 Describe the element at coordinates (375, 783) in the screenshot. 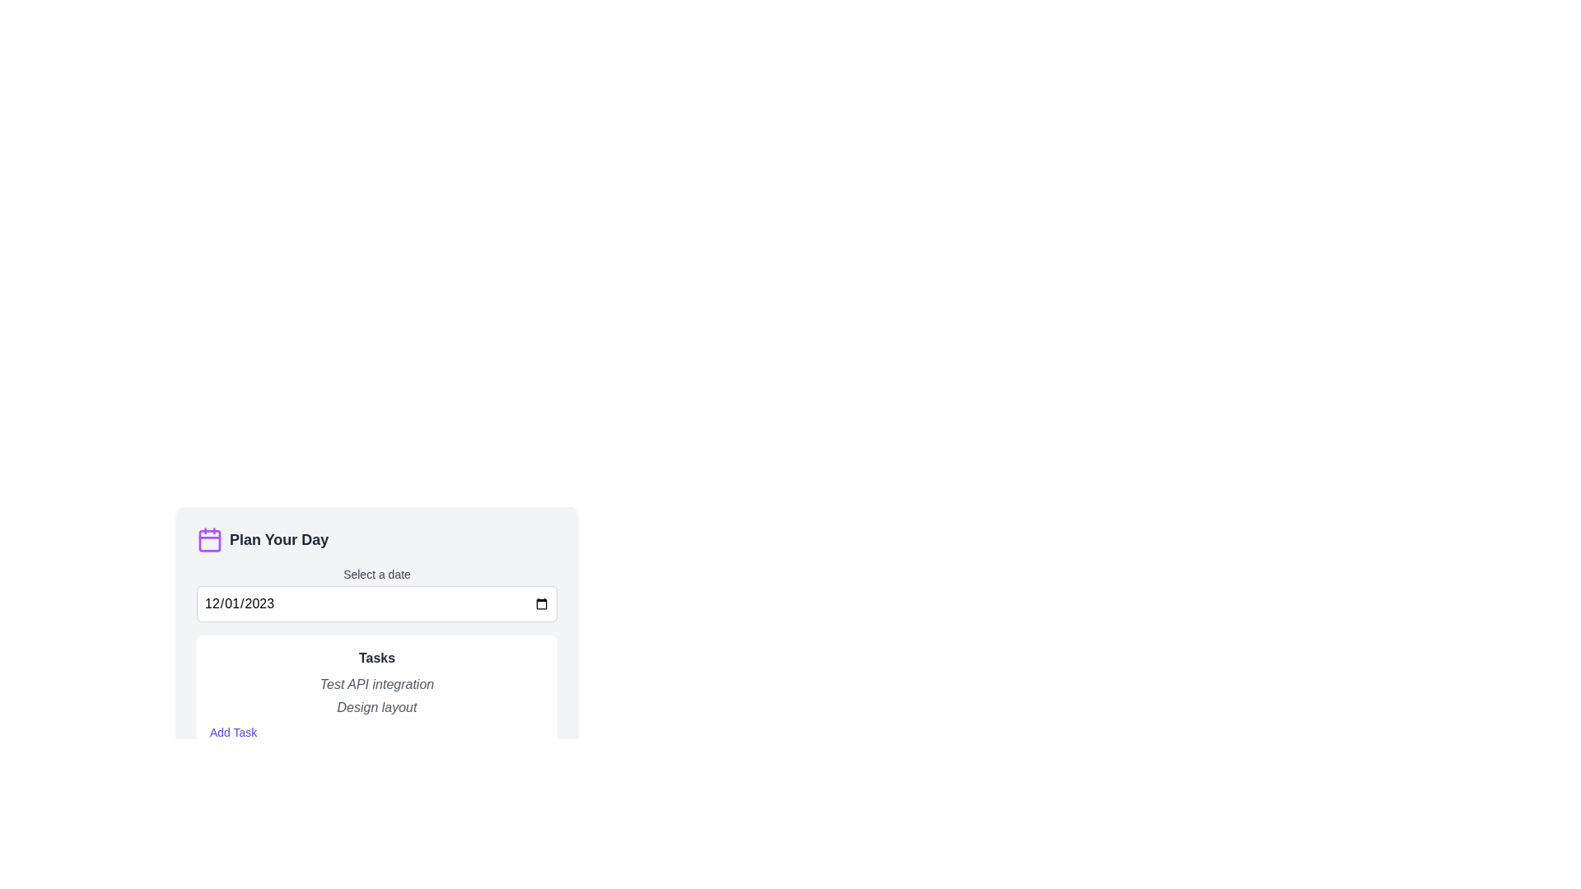

I see `the toggle button located at the bottom of the 'Plan Your Day' section to receive visual feedback` at that location.